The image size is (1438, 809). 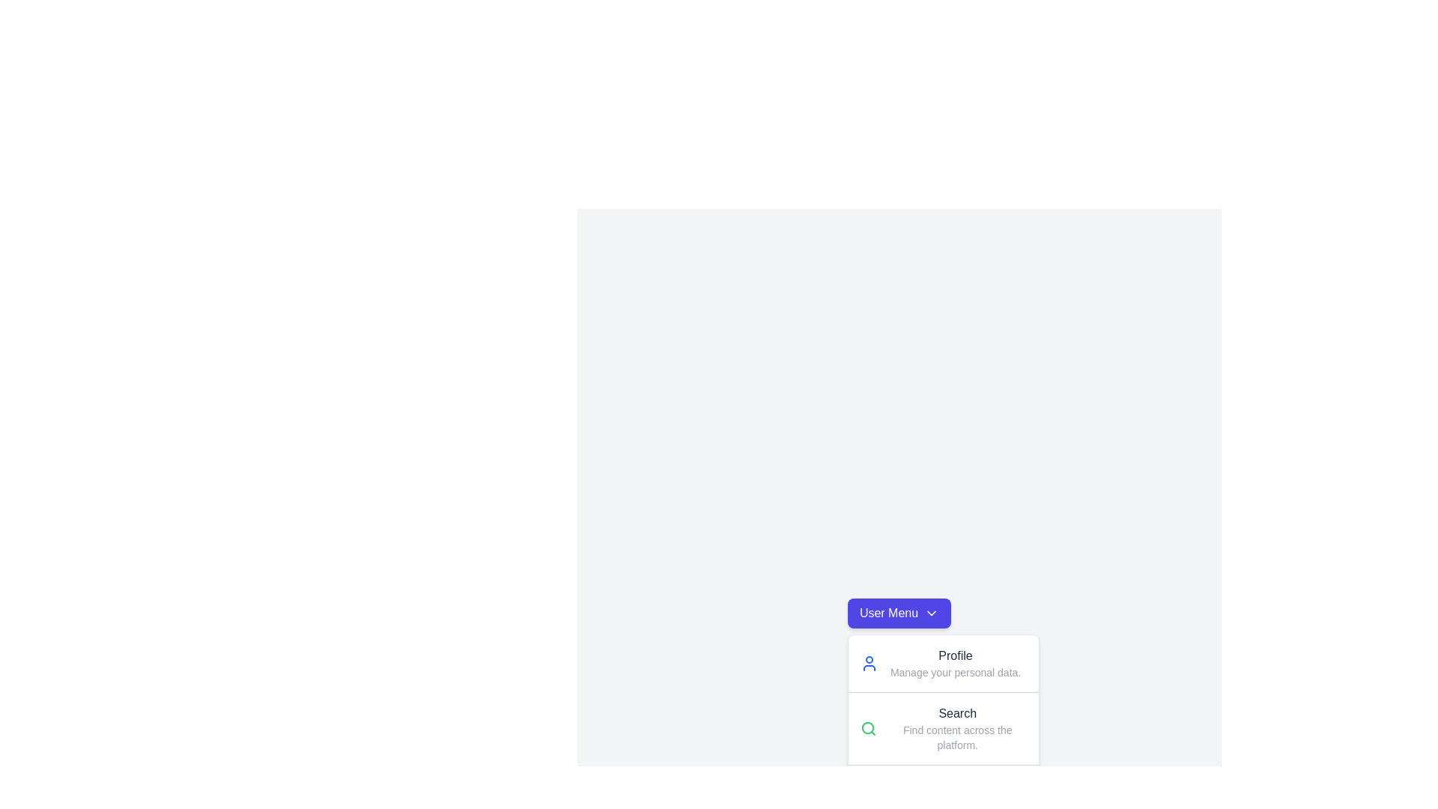 I want to click on the user profile information text display in the dropdown menu, which is the first item listed above 'Search', so click(x=955, y=663).